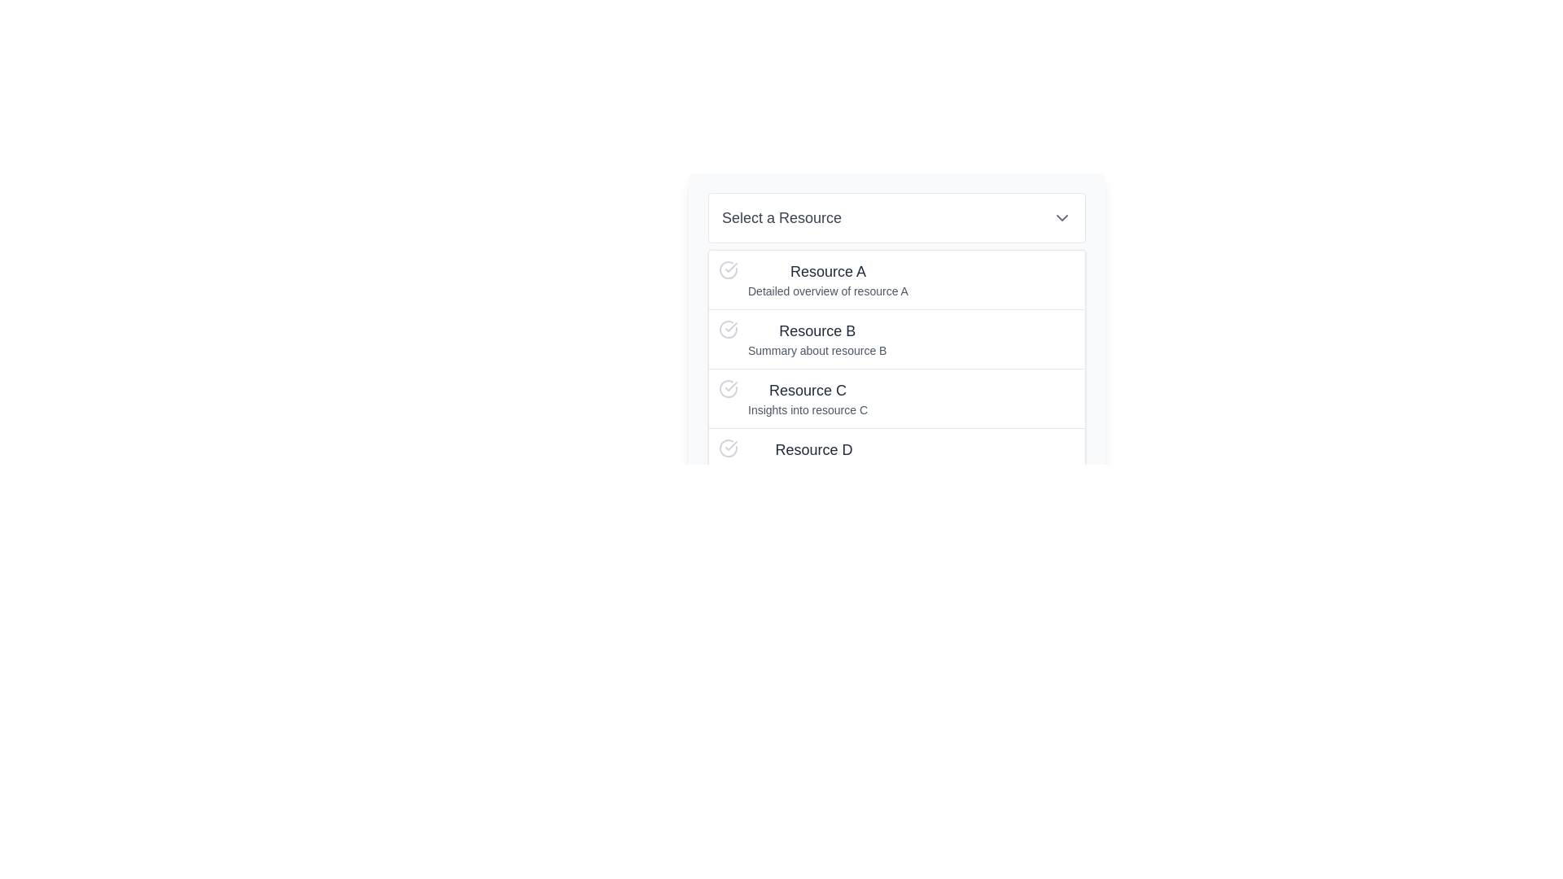 This screenshot has width=1563, height=879. I want to click on the content of the Text Label positioned below 'Resource B' in the 'Select a Resource' dropdown box, so click(817, 350).